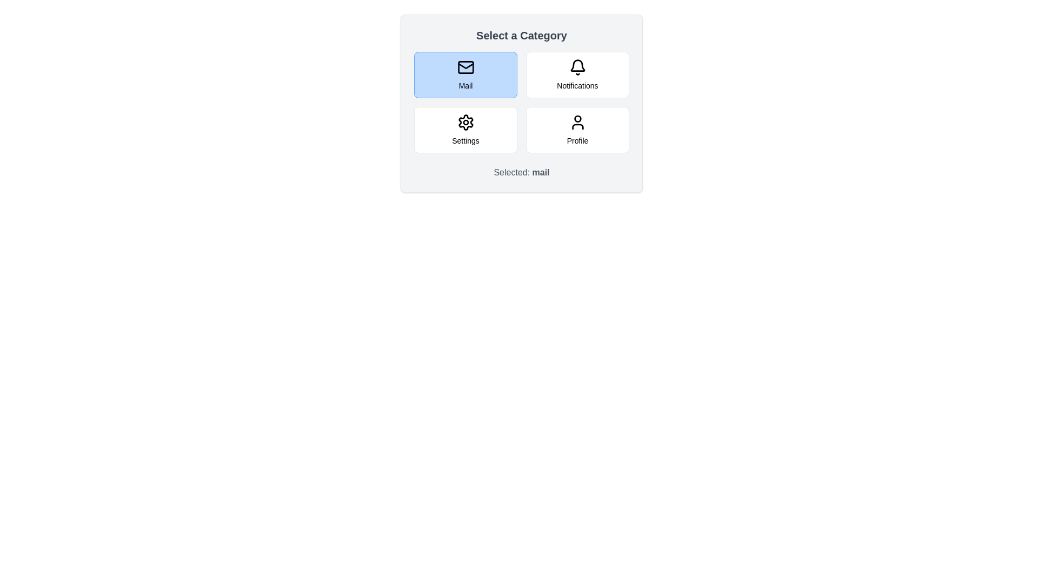  Describe the element at coordinates (577, 129) in the screenshot. I see `the Profile button to select it` at that location.